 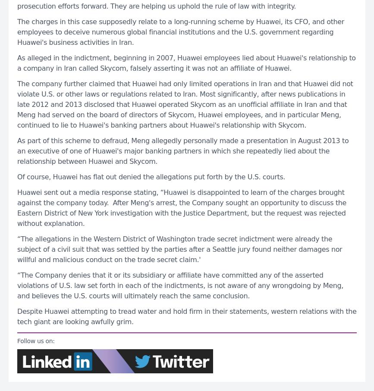 I want to click on 'The company further claimed that Huawei had only limited operations in Iran and that Huawei did not violate U.S. or other laws or regulations related to Iran. Most significantly, after news publications in late 2012 and 2013 disclosed that Huawei operated Skycom as an unofficial affiliate in Iran and that Meng had served on the board of directors of Skycom, Huawei employees, and in particular Meng, continued to lie to Huawei's banking partners about Huawei's relationship with Skycom.', so click(x=185, y=104).